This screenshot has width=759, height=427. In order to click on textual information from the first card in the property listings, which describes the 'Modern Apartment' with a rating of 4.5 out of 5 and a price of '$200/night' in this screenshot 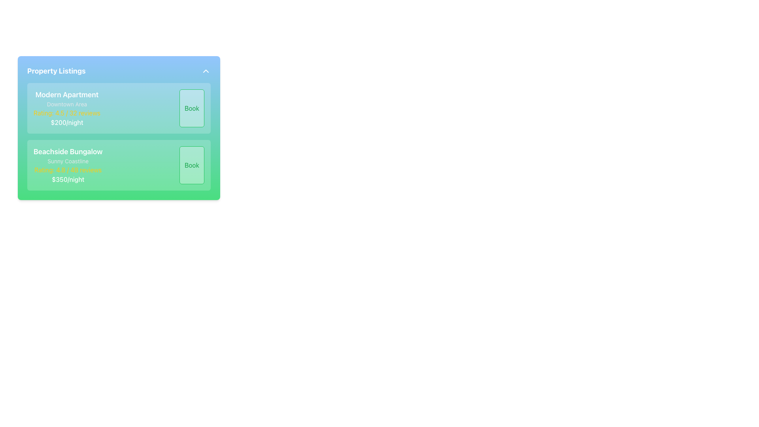, I will do `click(119, 108)`.